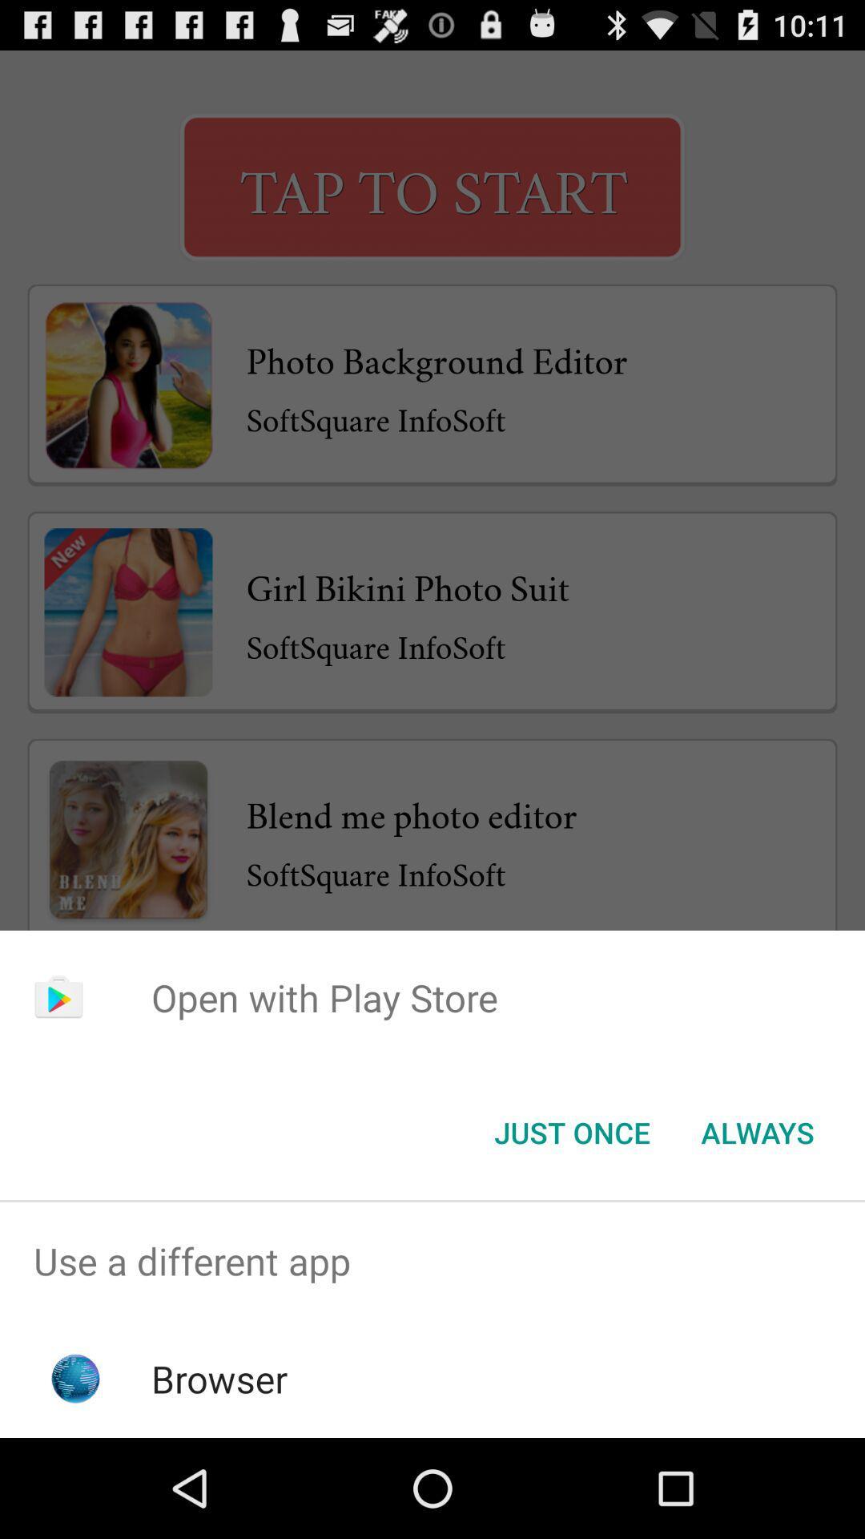 Image resolution: width=865 pixels, height=1539 pixels. Describe the element at coordinates (432, 1260) in the screenshot. I see `item above the browser` at that location.